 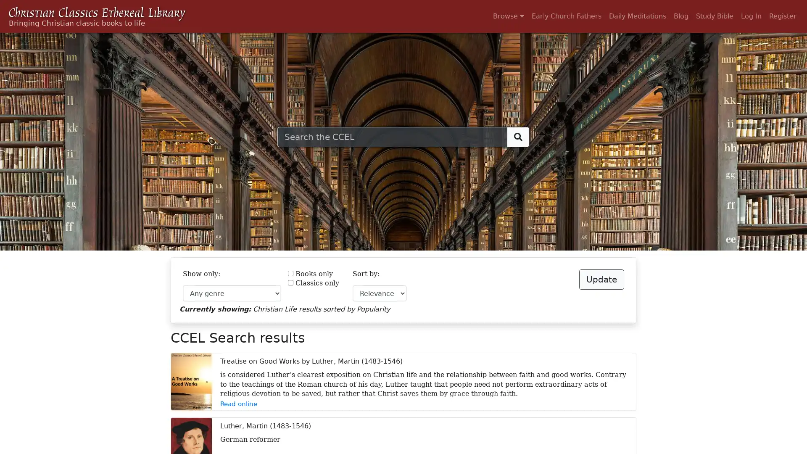 I want to click on Update, so click(x=601, y=279).